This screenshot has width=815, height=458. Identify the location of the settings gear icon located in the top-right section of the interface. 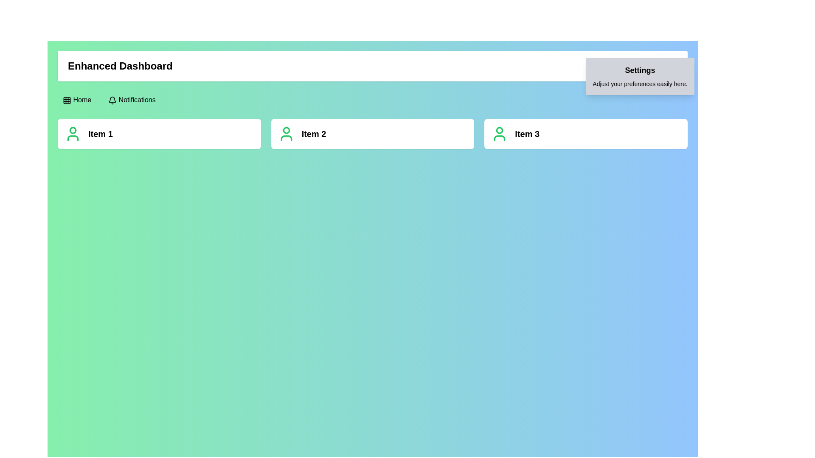
(627, 65).